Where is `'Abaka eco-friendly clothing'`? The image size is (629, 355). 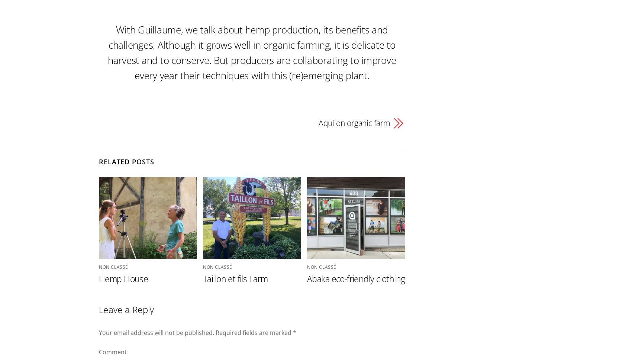
'Abaka eco-friendly clothing' is located at coordinates (356, 278).